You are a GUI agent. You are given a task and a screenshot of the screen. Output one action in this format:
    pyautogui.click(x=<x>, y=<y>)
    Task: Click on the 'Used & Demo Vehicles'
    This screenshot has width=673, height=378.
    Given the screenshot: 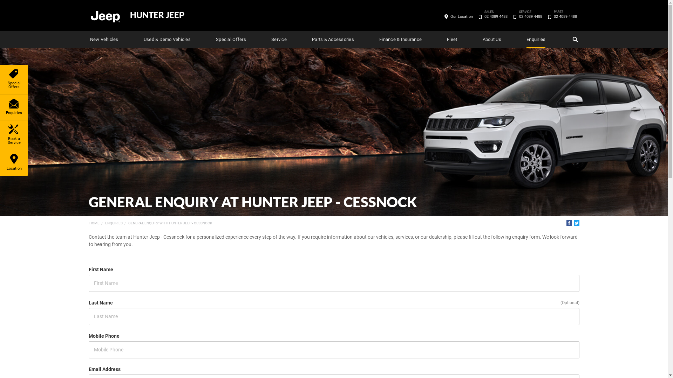 What is the action you would take?
    pyautogui.click(x=166, y=39)
    